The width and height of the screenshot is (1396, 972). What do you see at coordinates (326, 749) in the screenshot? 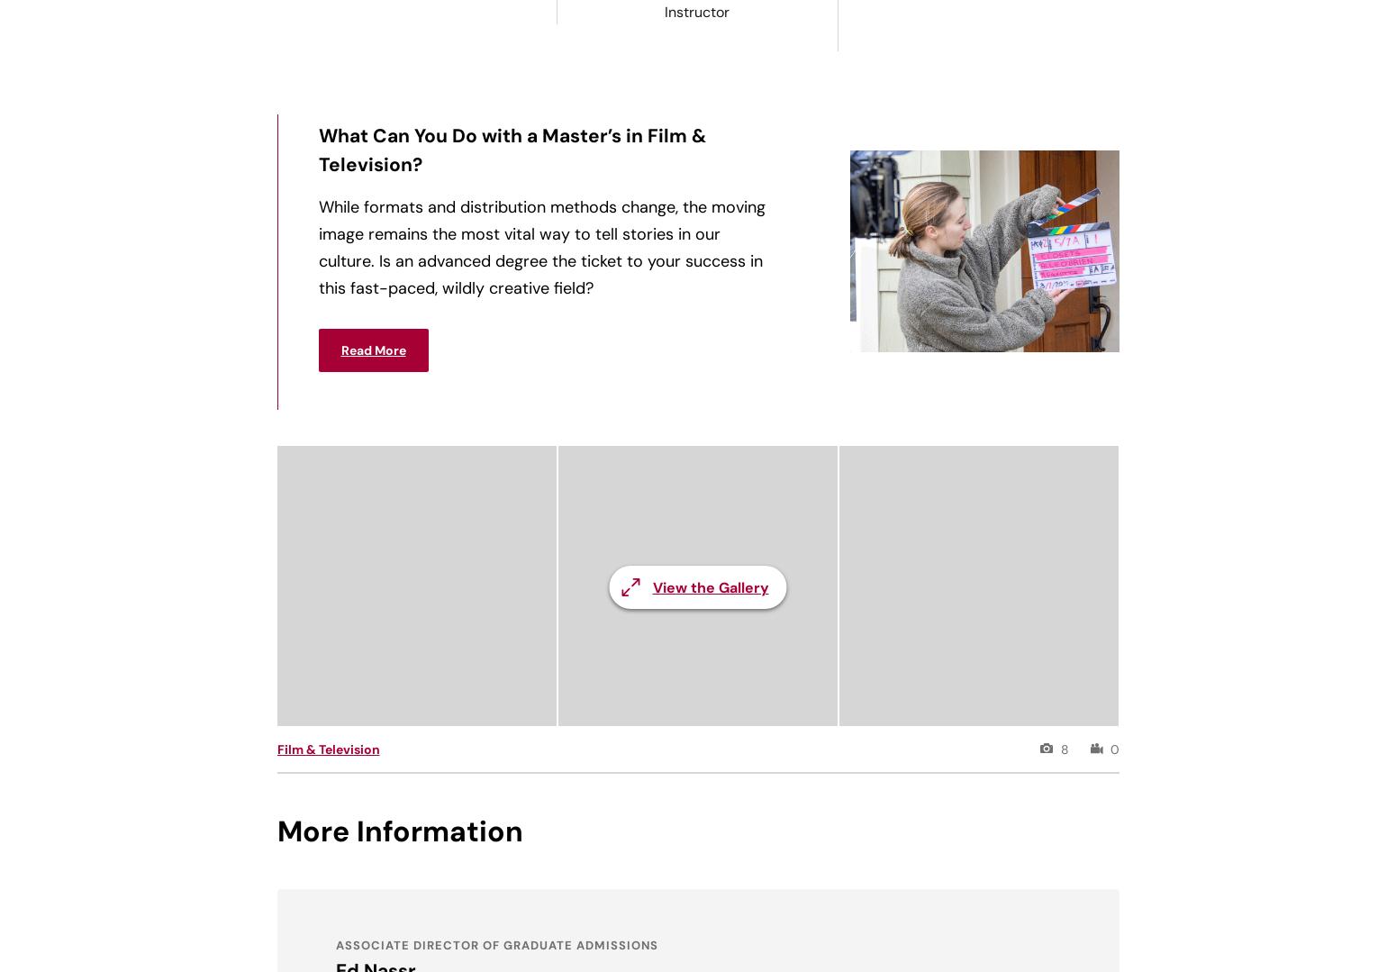
I see `'Film & Television'` at bounding box center [326, 749].